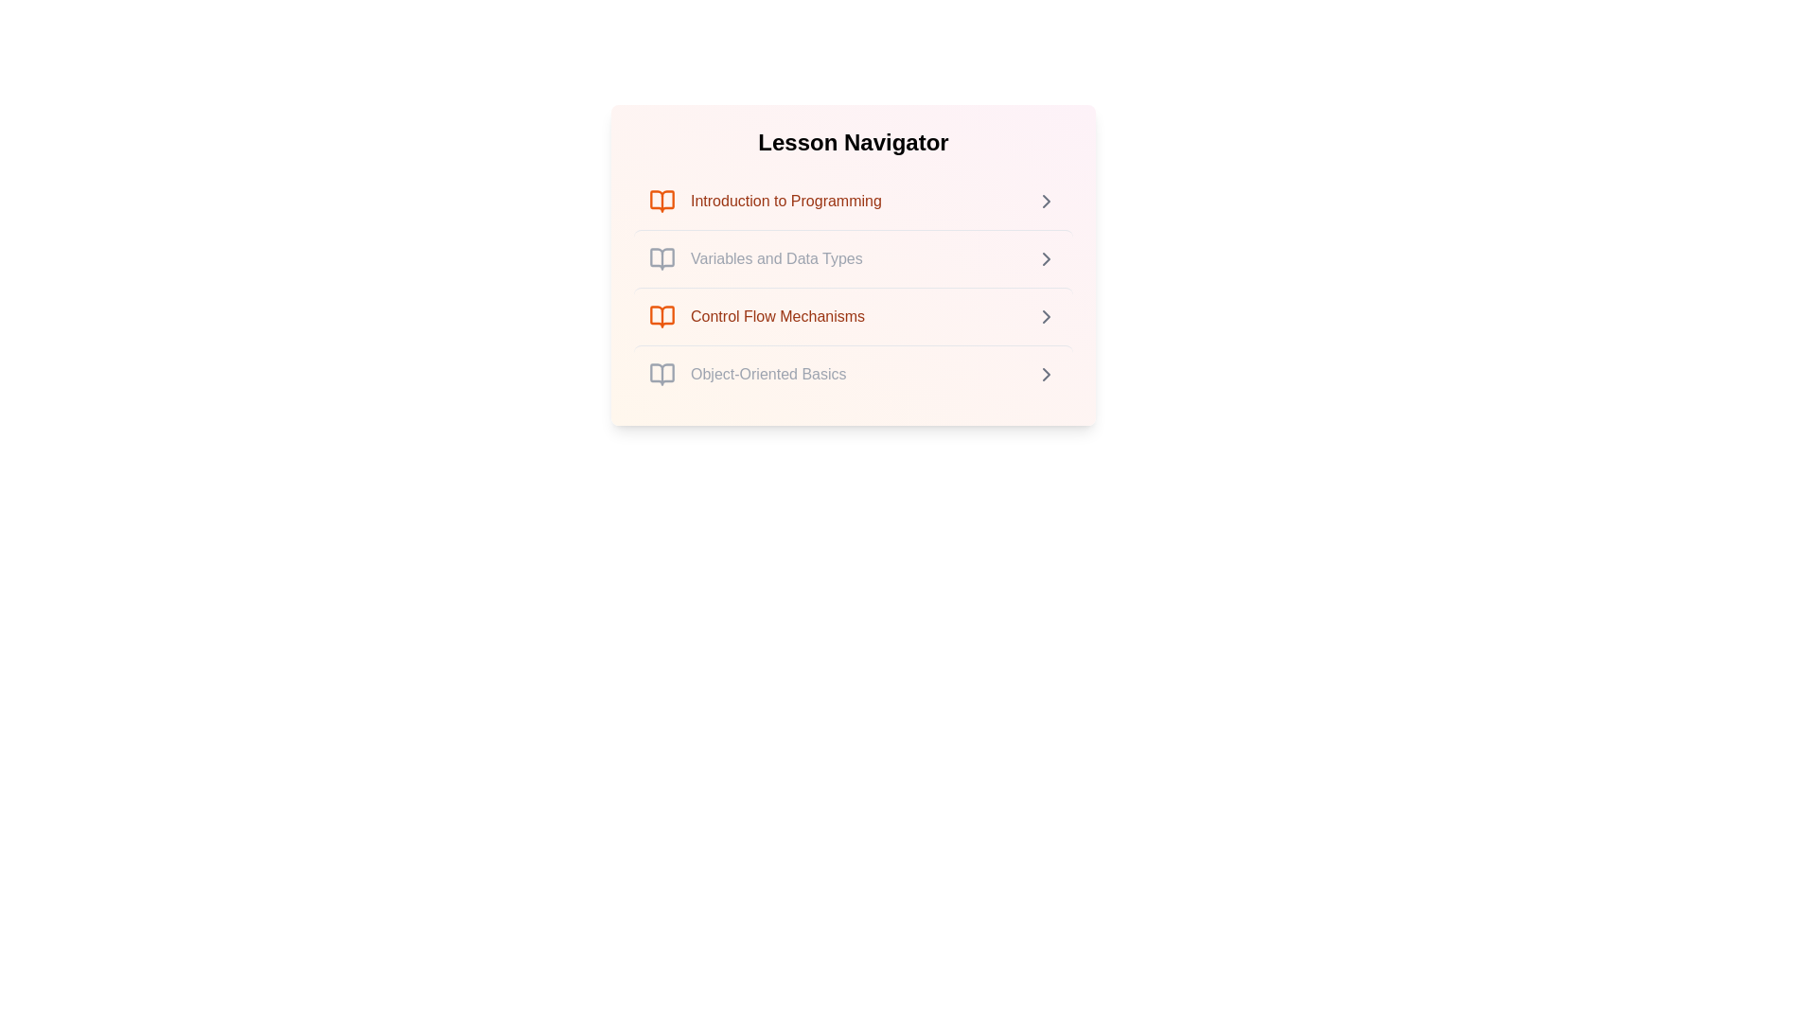  What do you see at coordinates (853, 315) in the screenshot?
I see `the lesson item titled 'Control Flow Mechanisms' to view its details` at bounding box center [853, 315].